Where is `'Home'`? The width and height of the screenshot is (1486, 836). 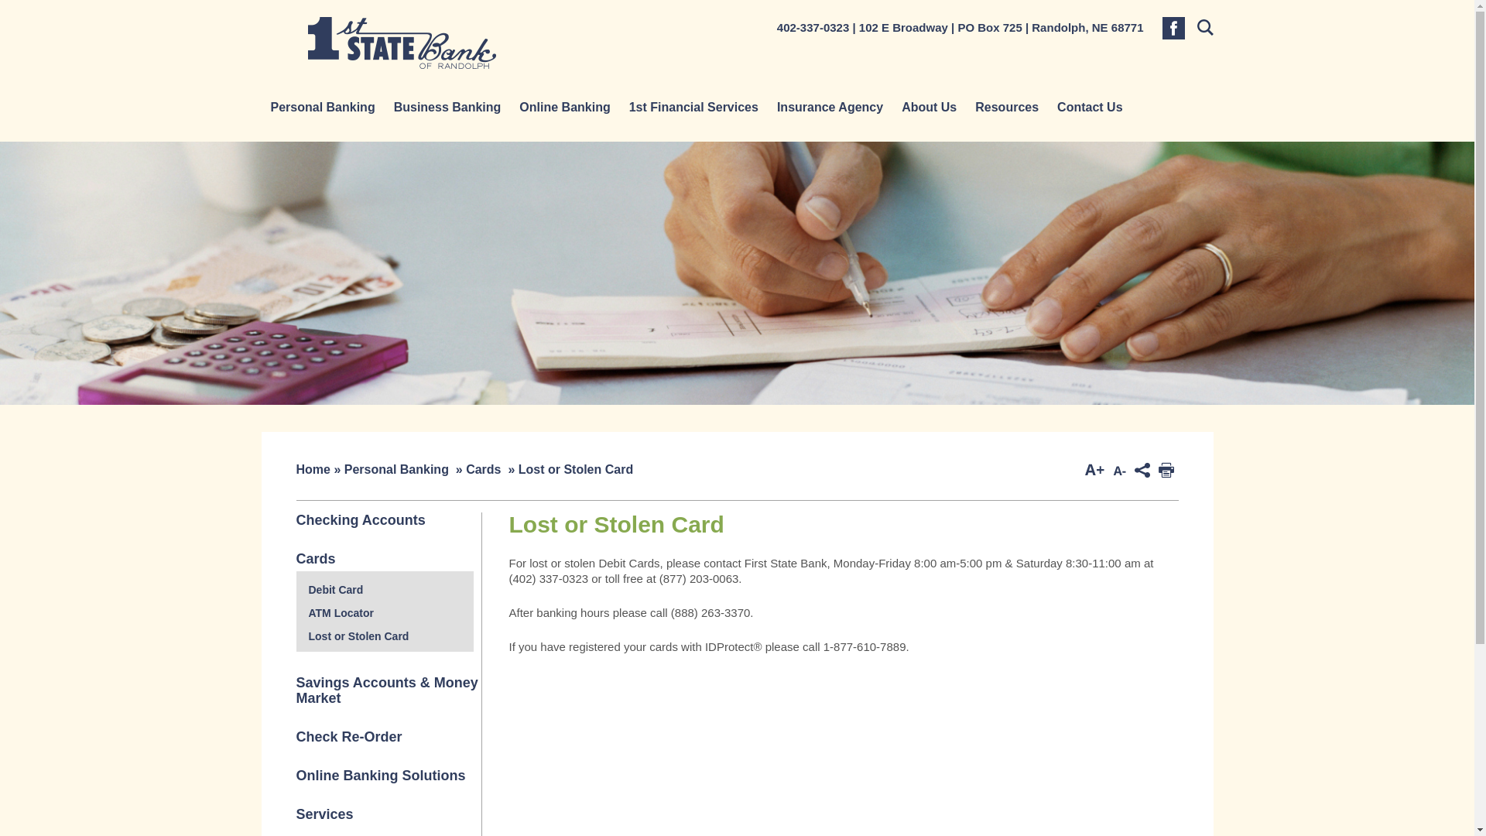
'Home' is located at coordinates (311, 468).